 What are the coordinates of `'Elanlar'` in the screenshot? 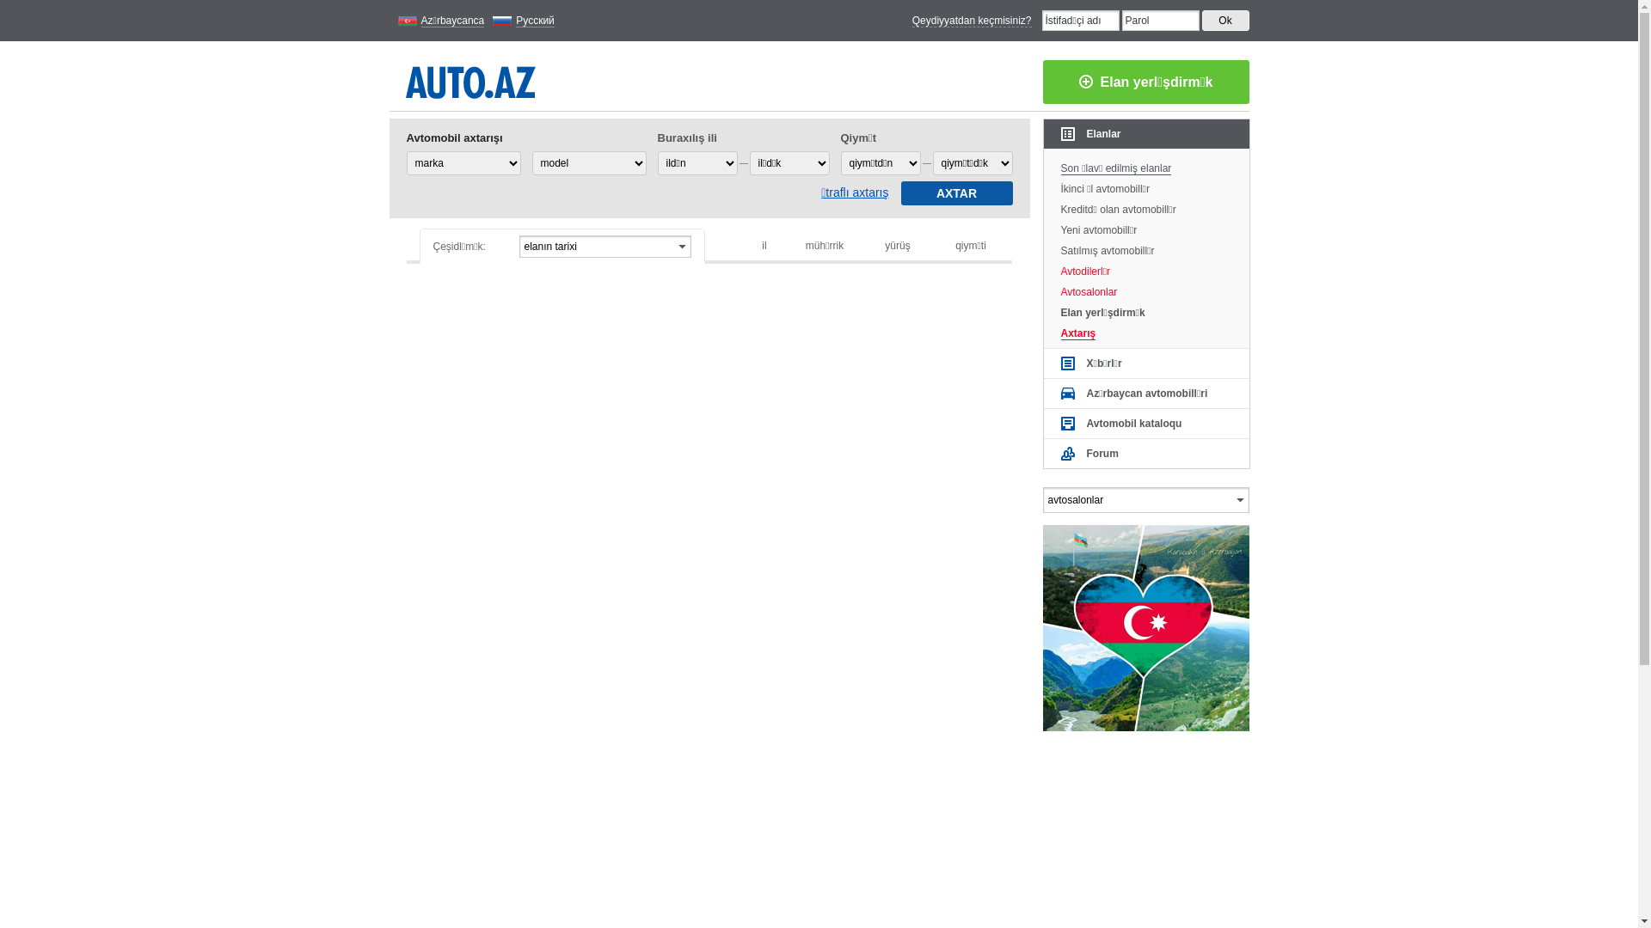 It's located at (1146, 132).